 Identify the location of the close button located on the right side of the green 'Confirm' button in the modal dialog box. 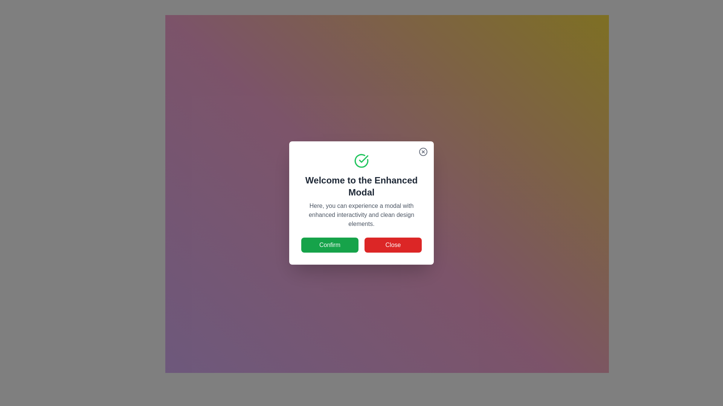
(392, 245).